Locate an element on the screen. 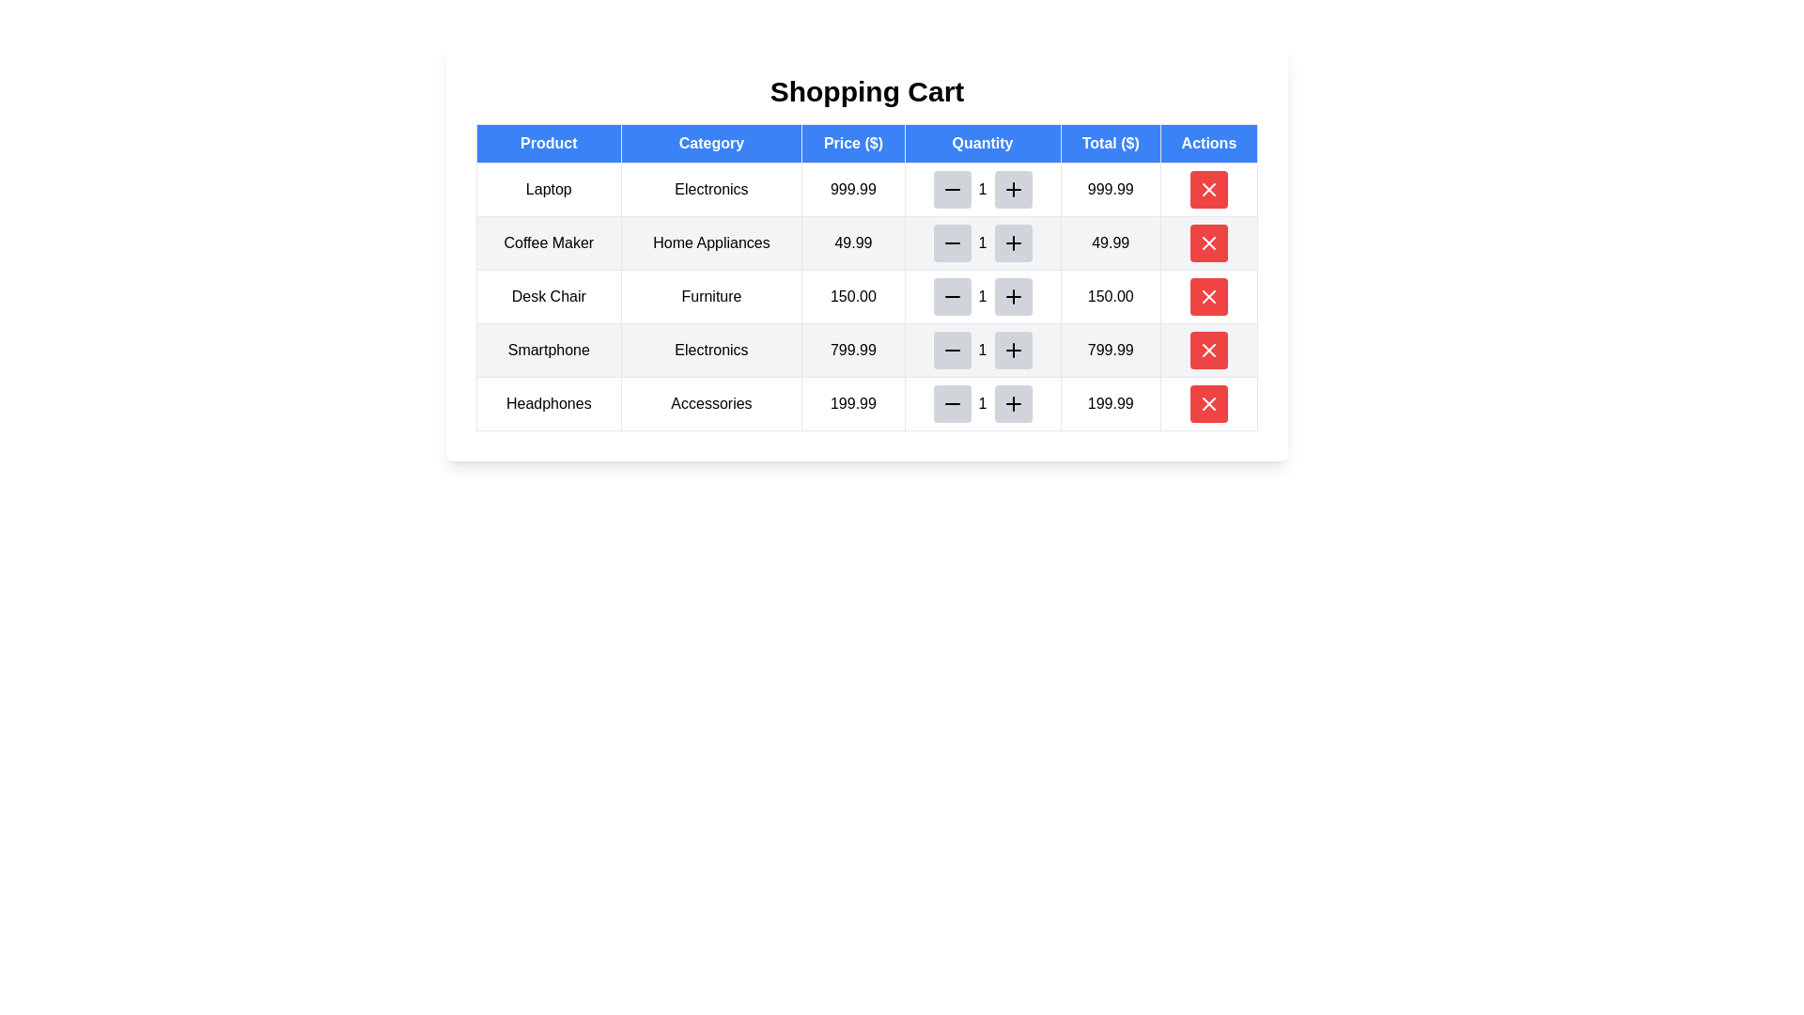 The height and width of the screenshot is (1015, 1804). the button in the last column of the table corresponding to 'Desk Chair' is located at coordinates (1208, 296).